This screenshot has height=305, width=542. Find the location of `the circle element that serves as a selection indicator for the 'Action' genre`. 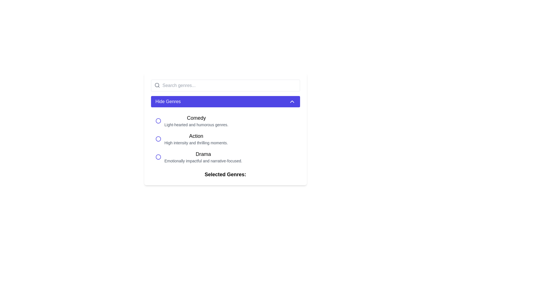

the circle element that serves as a selection indicator for the 'Action' genre is located at coordinates (158, 139).